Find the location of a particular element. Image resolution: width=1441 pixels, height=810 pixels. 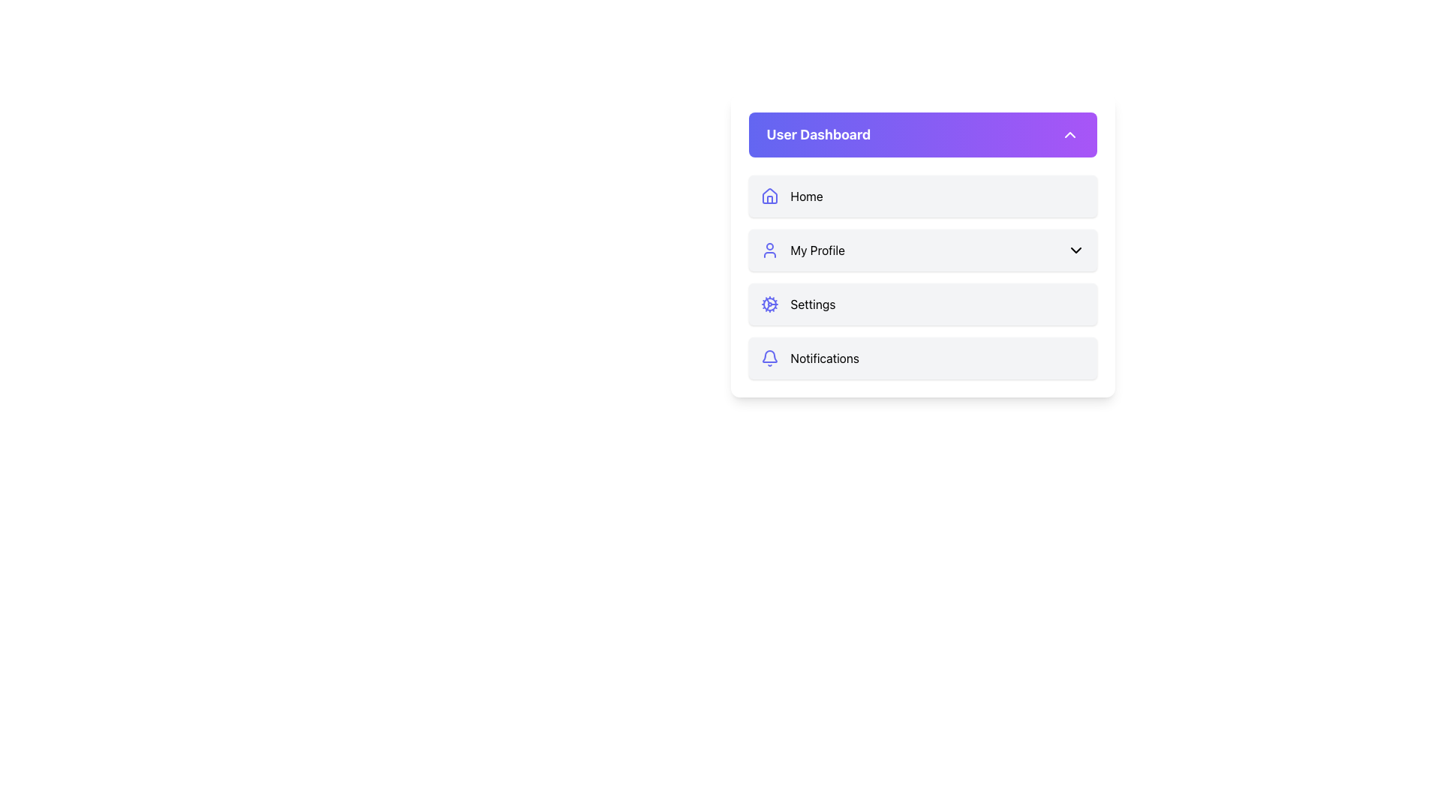

the navigation button-like UI component for notifications, which is the fourth item in a vertical stack located at the bottom of the group is located at coordinates (922, 358).